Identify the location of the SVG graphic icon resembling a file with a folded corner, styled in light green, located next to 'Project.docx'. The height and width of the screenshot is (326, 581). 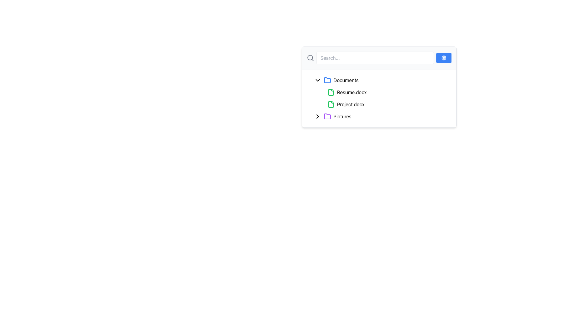
(331, 104).